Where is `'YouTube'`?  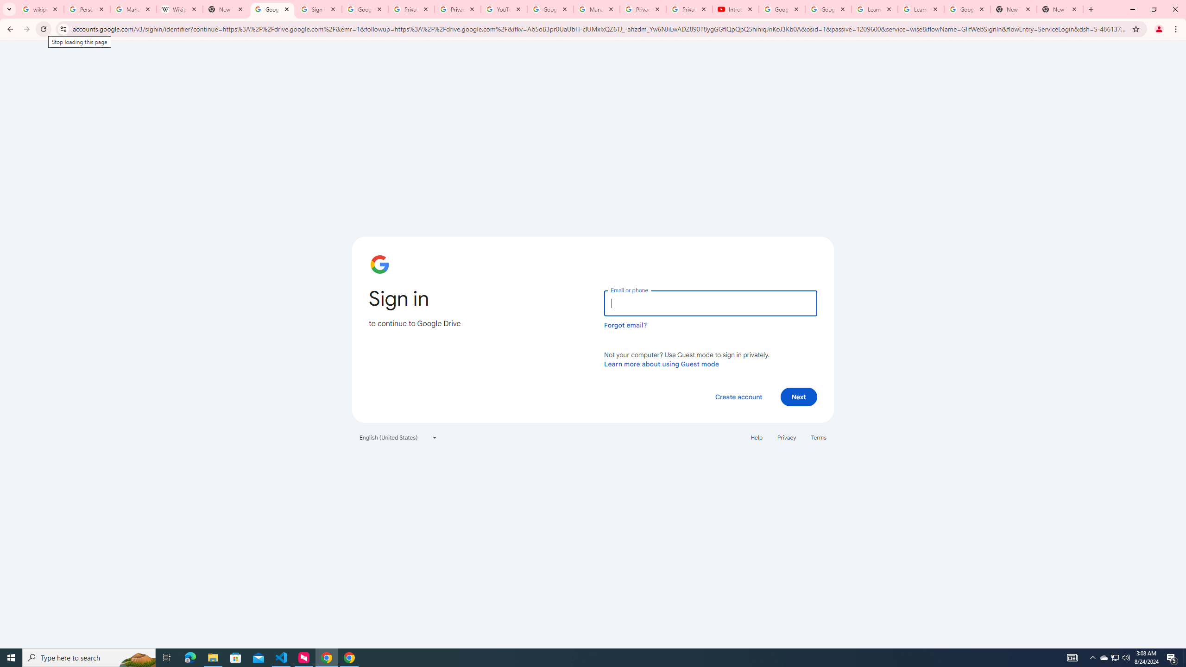
'YouTube' is located at coordinates (504, 9).